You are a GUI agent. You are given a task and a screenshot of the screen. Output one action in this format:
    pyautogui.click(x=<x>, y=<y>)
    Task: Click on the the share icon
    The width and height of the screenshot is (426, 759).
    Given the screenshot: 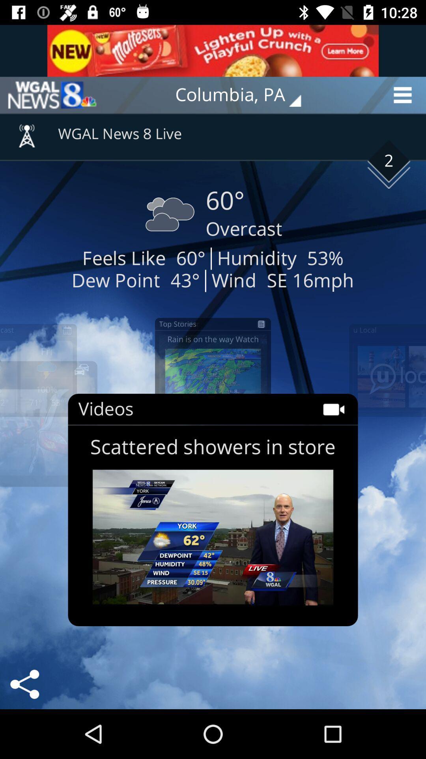 What is the action you would take?
    pyautogui.click(x=24, y=684)
    